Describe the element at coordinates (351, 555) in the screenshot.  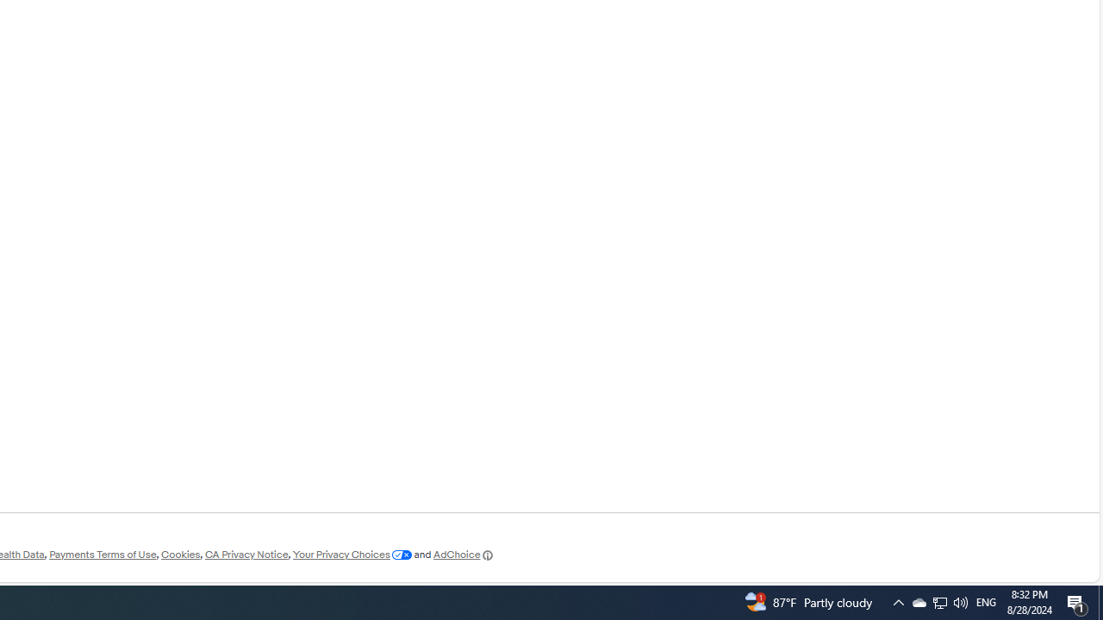
I see `'Your Privacy Choices'` at that location.